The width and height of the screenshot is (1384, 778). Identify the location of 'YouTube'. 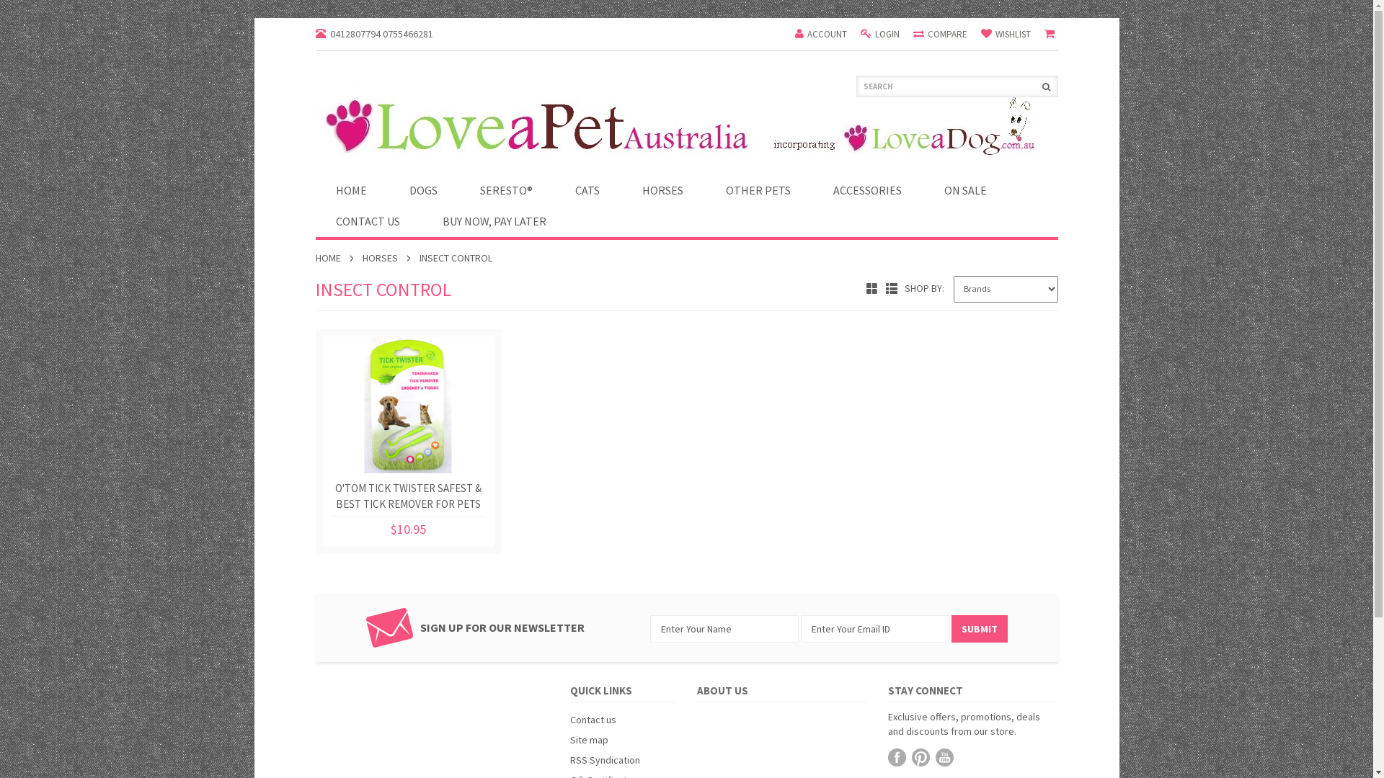
(944, 756).